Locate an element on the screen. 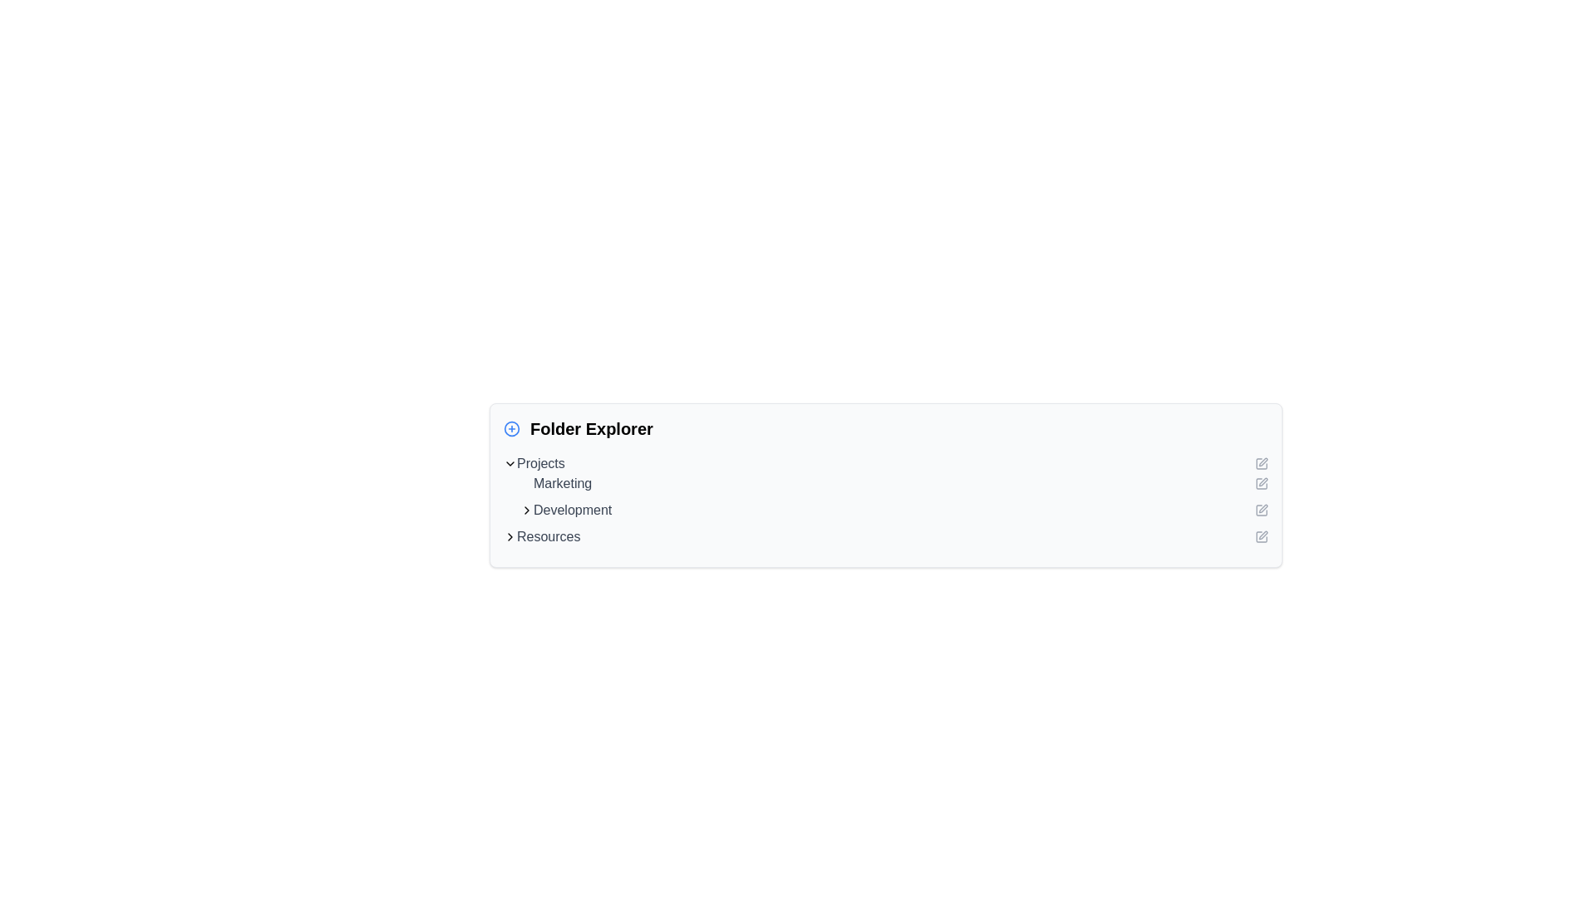 Image resolution: width=1596 pixels, height=898 pixels. the 'Edit' button/icon associated with the 'Projects' entry is located at coordinates (1261, 464).